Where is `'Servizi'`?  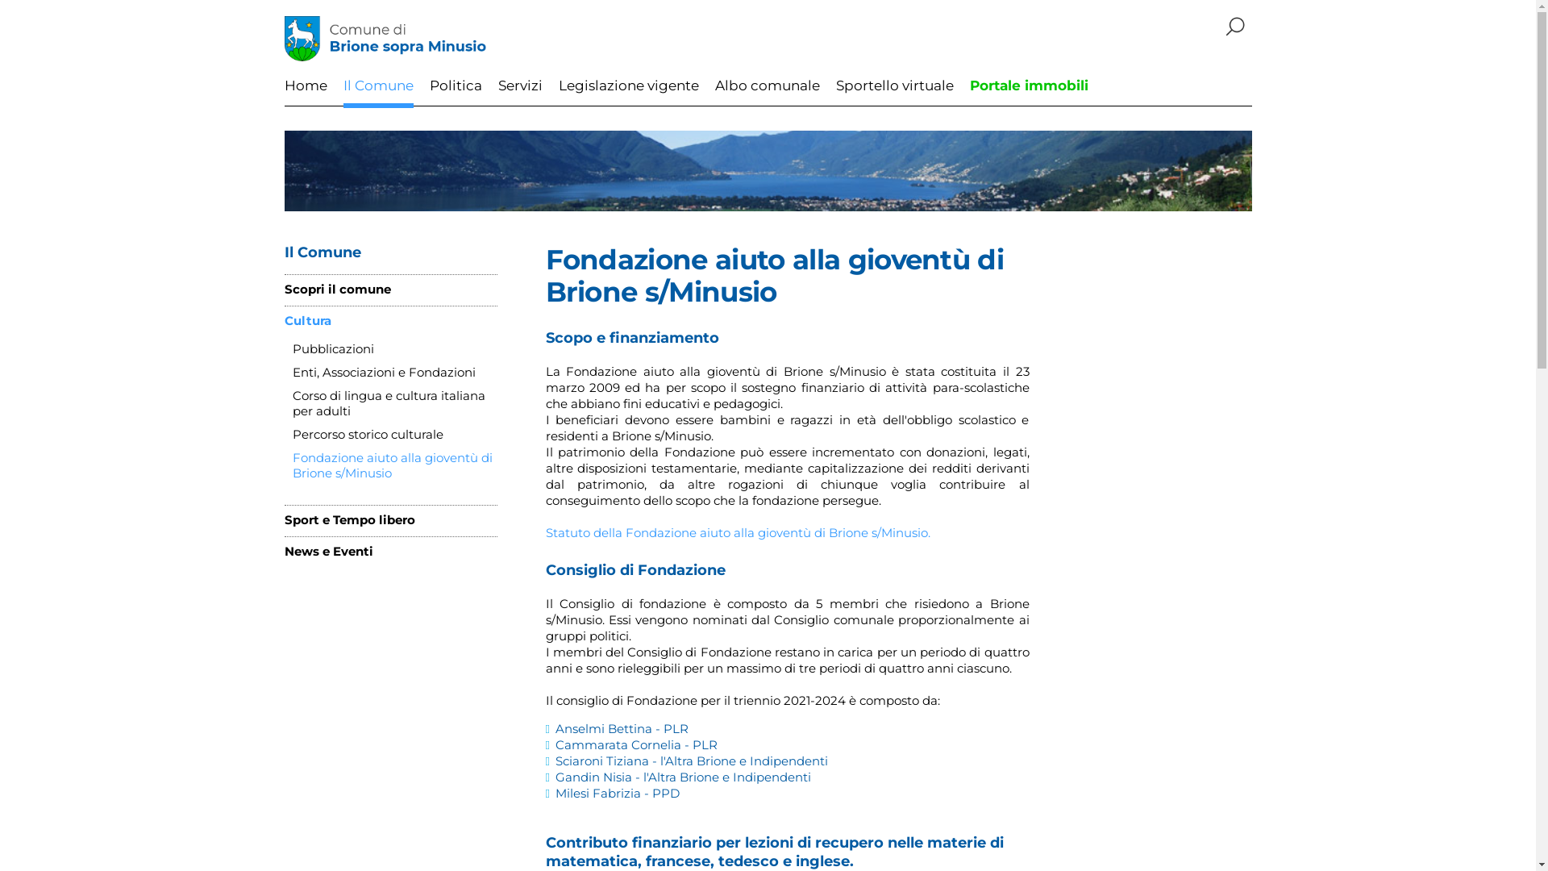 'Servizi' is located at coordinates (520, 93).